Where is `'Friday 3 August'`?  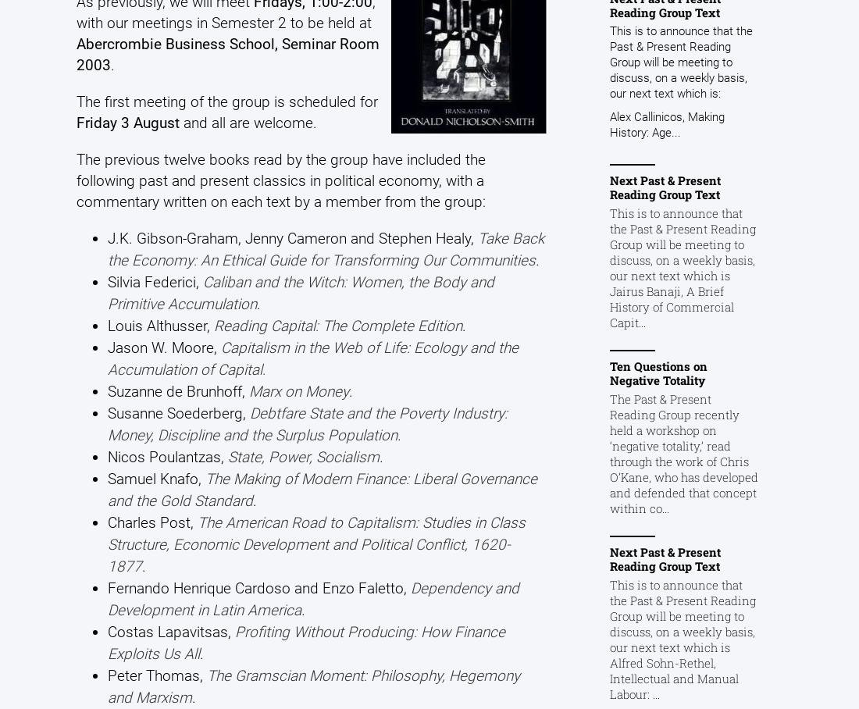
'Friday 3 August' is located at coordinates (76, 121).